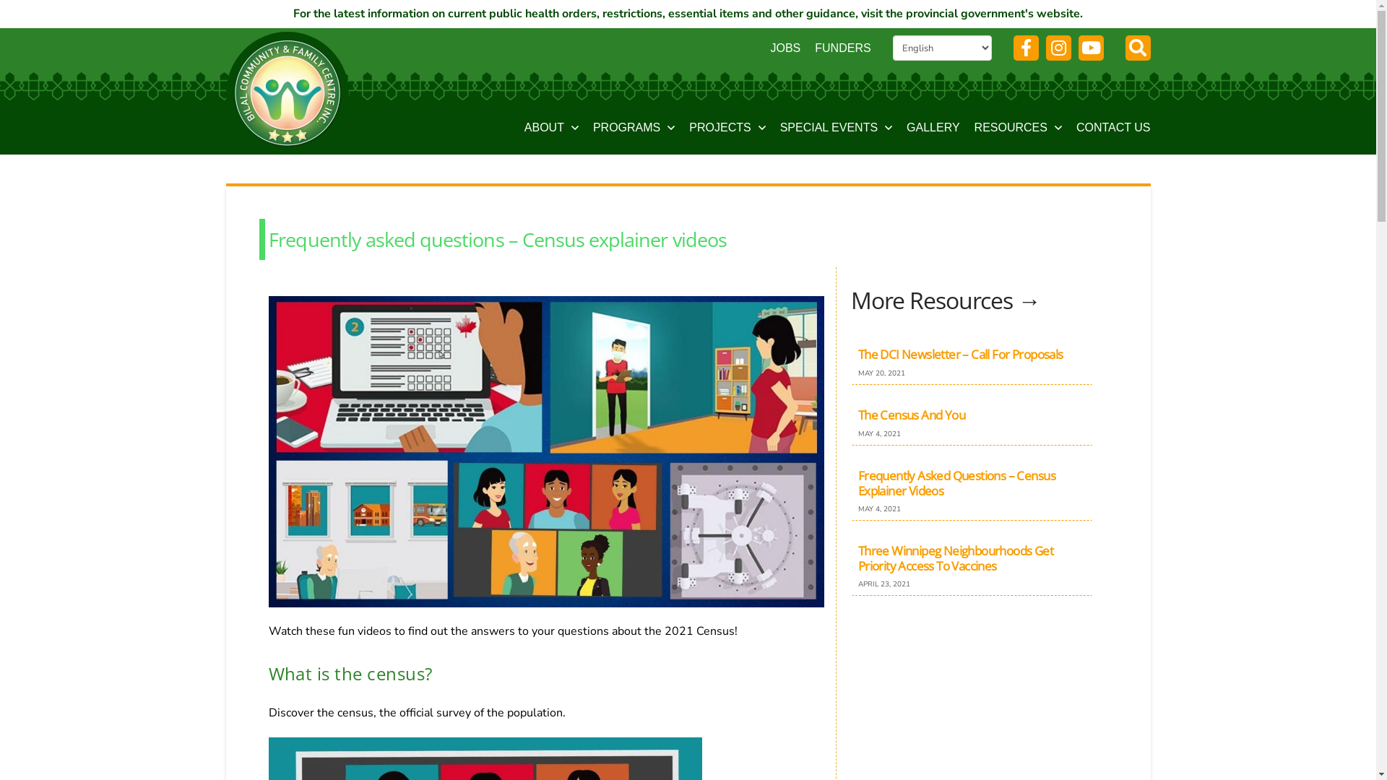  I want to click on 'CONTACT US', so click(1112, 129).